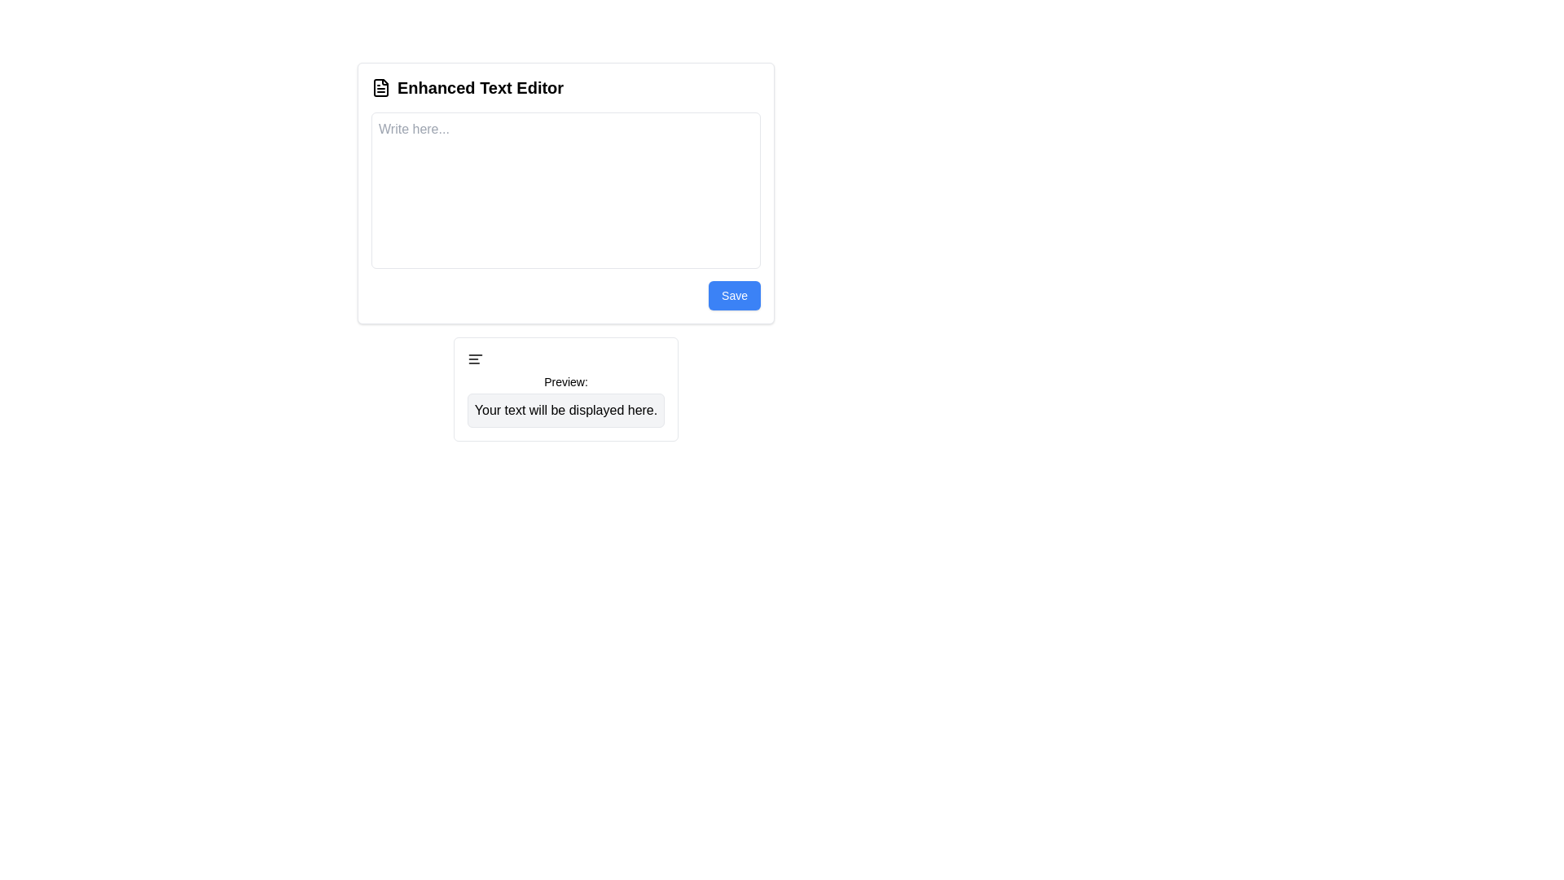 This screenshot has height=880, width=1564. I want to click on alignment functionality icon, which is represented by three horizontal lines in a minimalist style located in the top-left corner of the preview box below the text editor, so click(474, 358).